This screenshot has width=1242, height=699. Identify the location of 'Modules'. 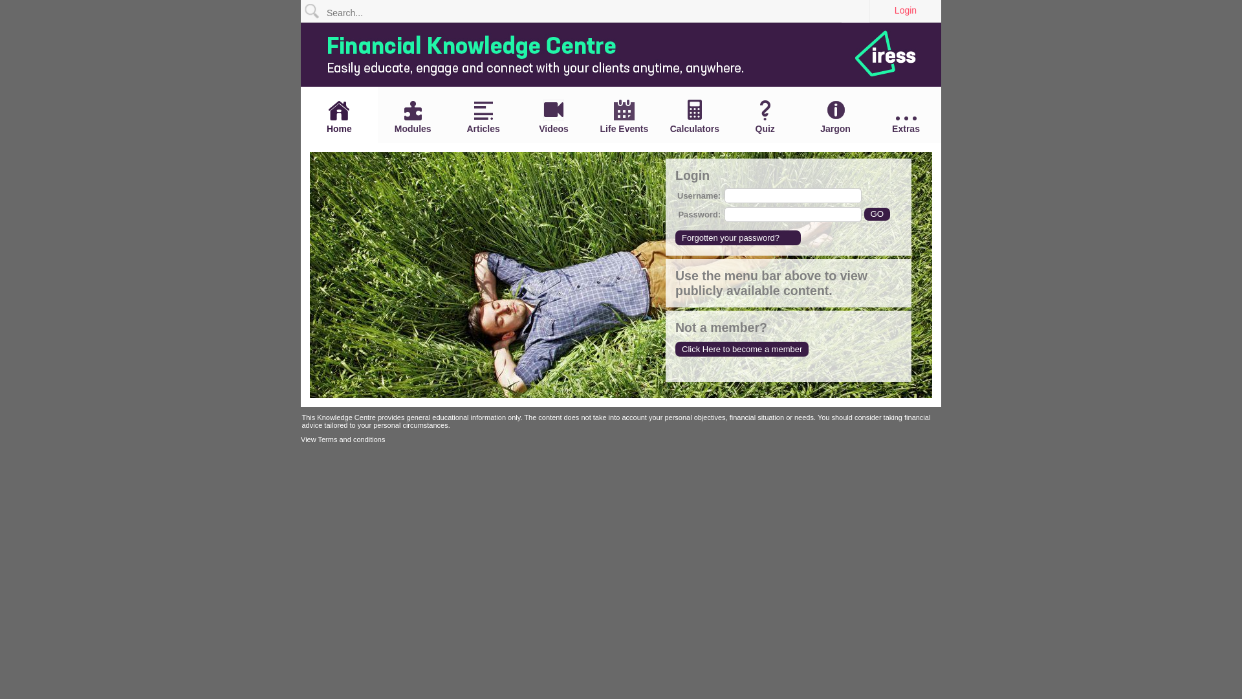
(412, 117).